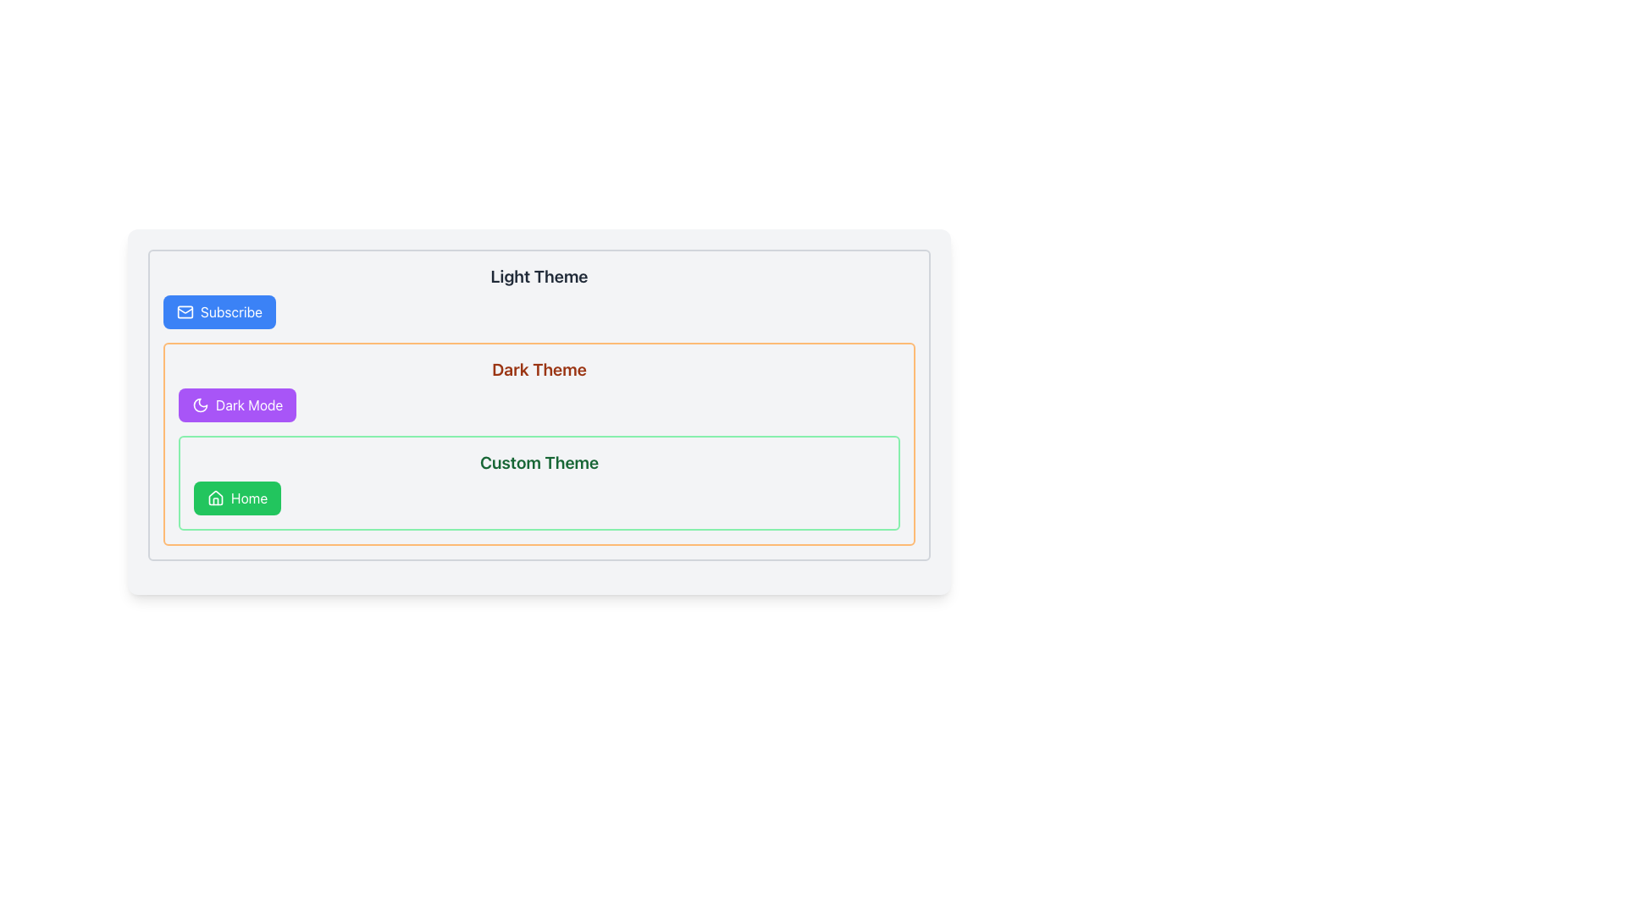  I want to click on the dark mode toggle button located centrally below the 'Dark Theme' title, so click(236, 405).